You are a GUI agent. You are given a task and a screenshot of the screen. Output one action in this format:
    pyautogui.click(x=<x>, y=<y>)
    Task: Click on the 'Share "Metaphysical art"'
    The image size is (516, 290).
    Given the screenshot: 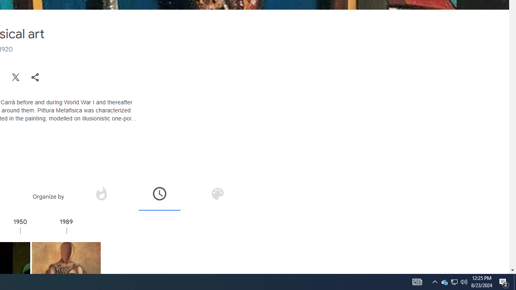 What is the action you would take?
    pyautogui.click(x=35, y=77)
    